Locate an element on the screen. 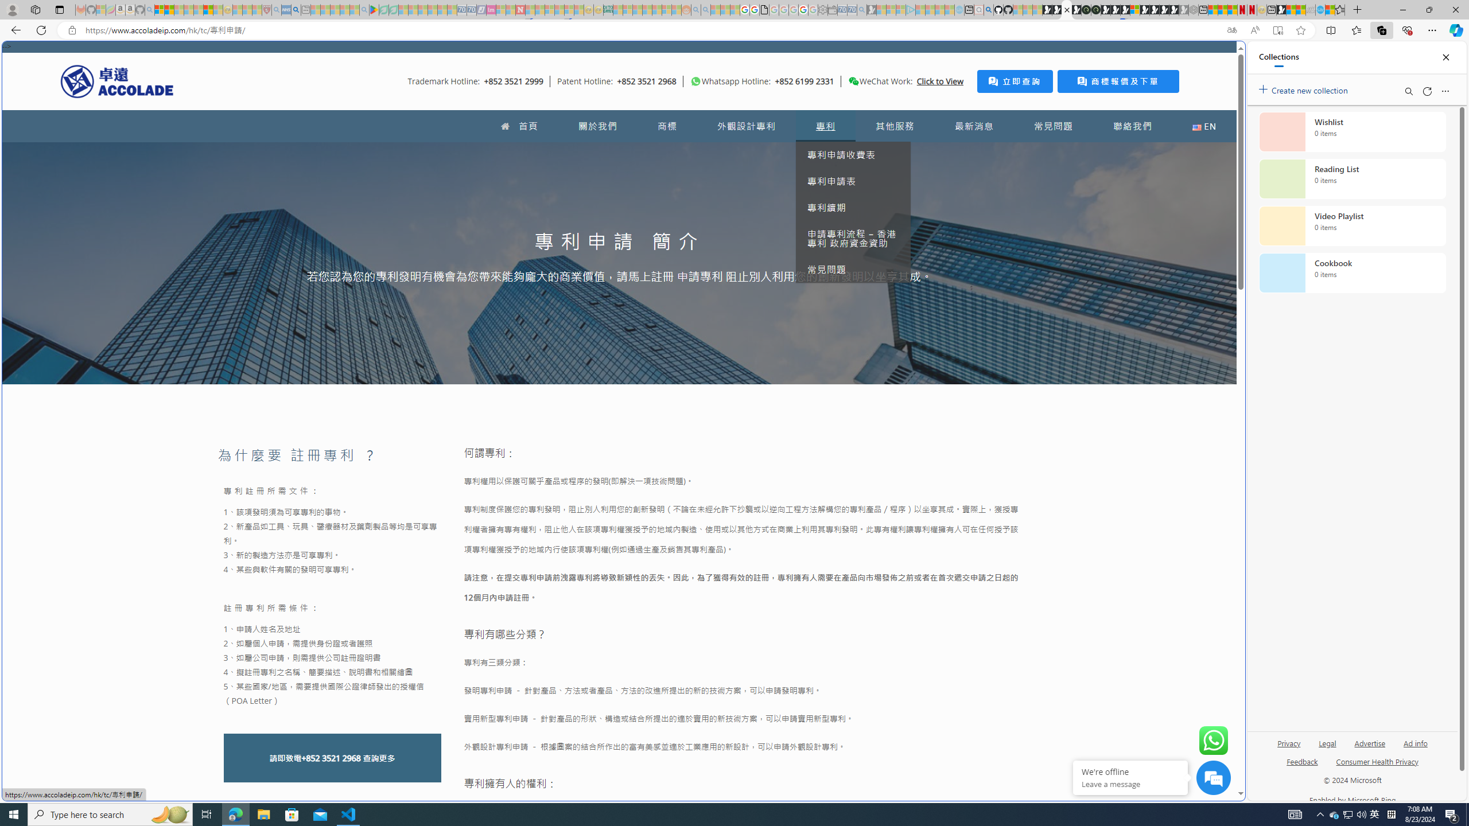 Image resolution: width=1469 pixels, height=826 pixels. 'Earth has six continents not seven, radical new study claims' is located at coordinates (1300, 9).